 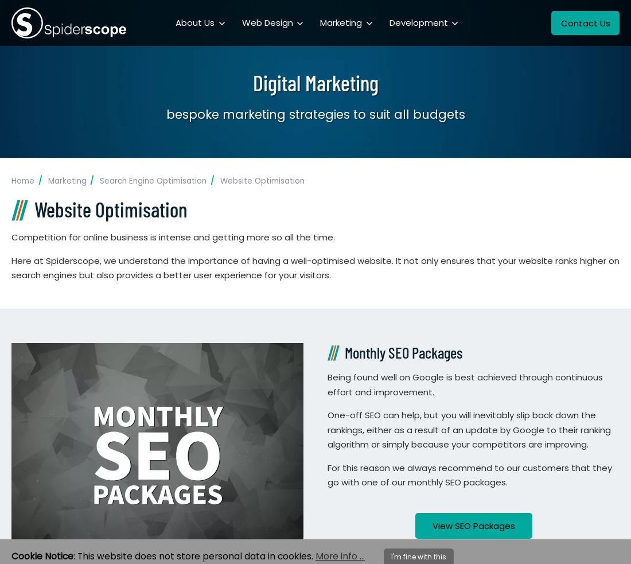 What do you see at coordinates (473, 526) in the screenshot?
I see `'View SEO Packages'` at bounding box center [473, 526].